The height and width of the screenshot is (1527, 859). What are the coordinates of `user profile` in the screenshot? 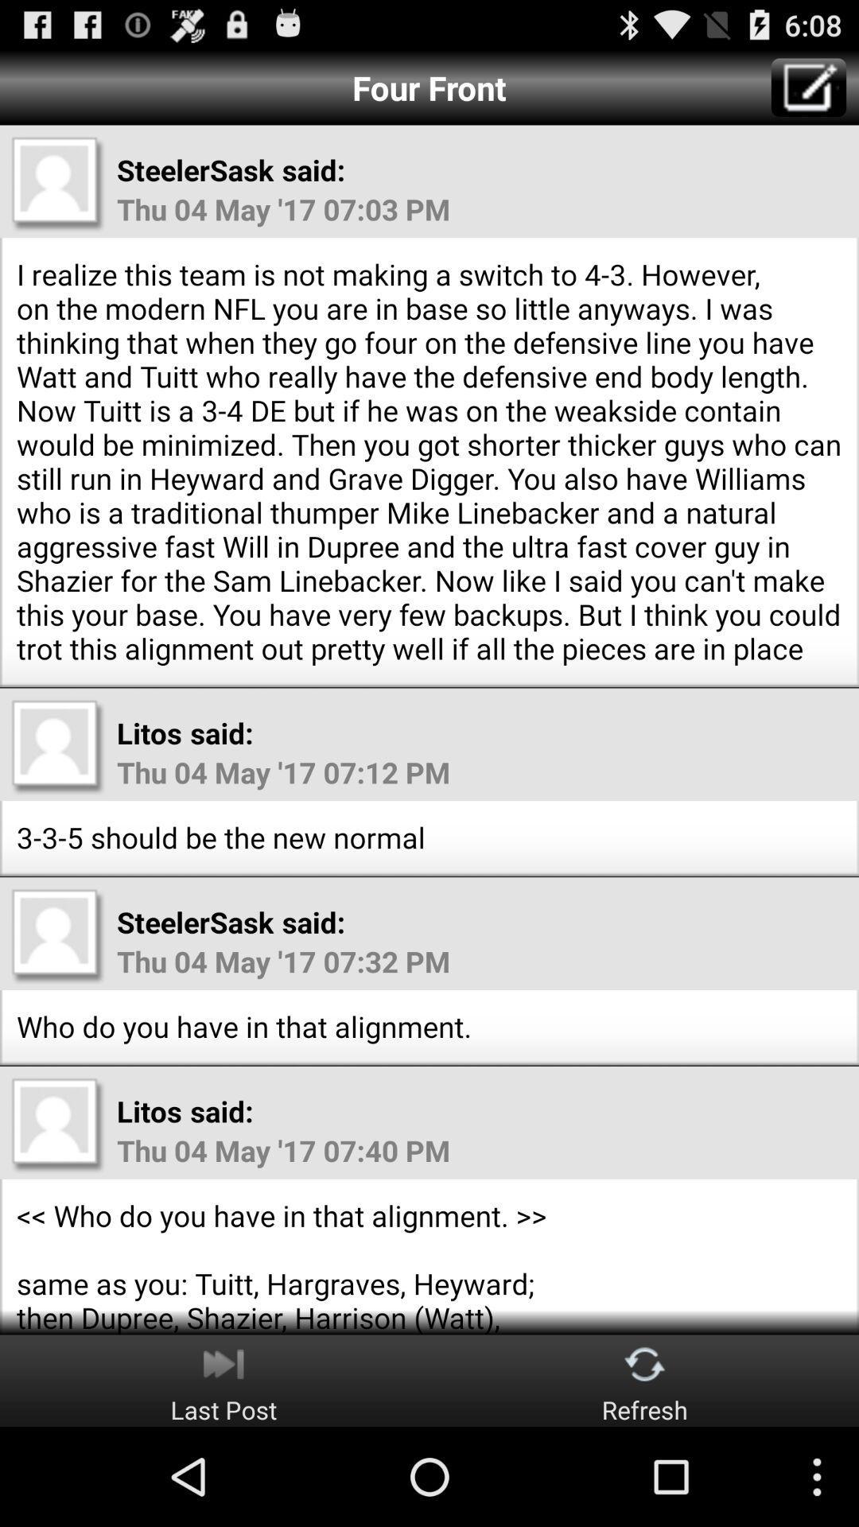 It's located at (57, 935).